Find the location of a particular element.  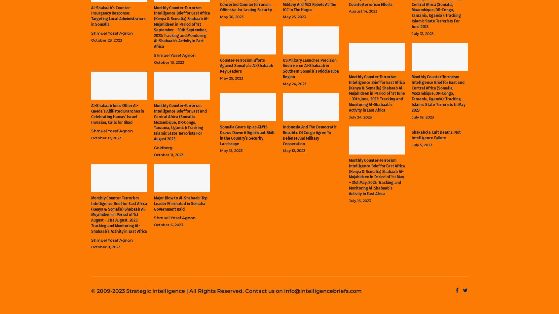

'July 31, 2023' is located at coordinates (411, 33).